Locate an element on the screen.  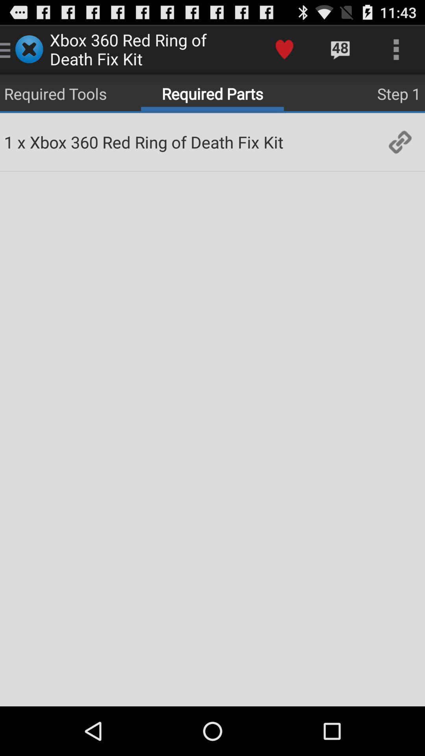
1 icon is located at coordinates (9, 142).